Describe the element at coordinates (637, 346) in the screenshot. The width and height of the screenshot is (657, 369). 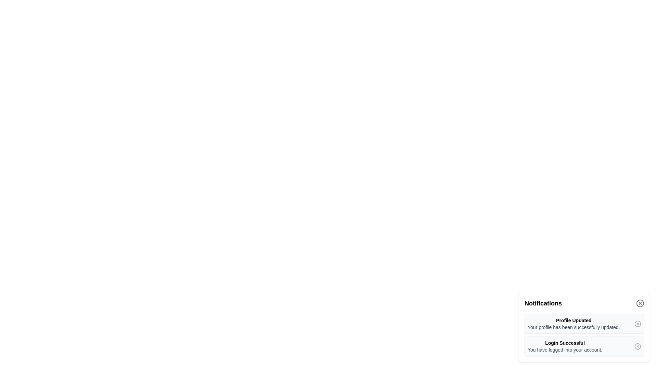
I see `the close button for the 'Login Successful' notification` at that location.